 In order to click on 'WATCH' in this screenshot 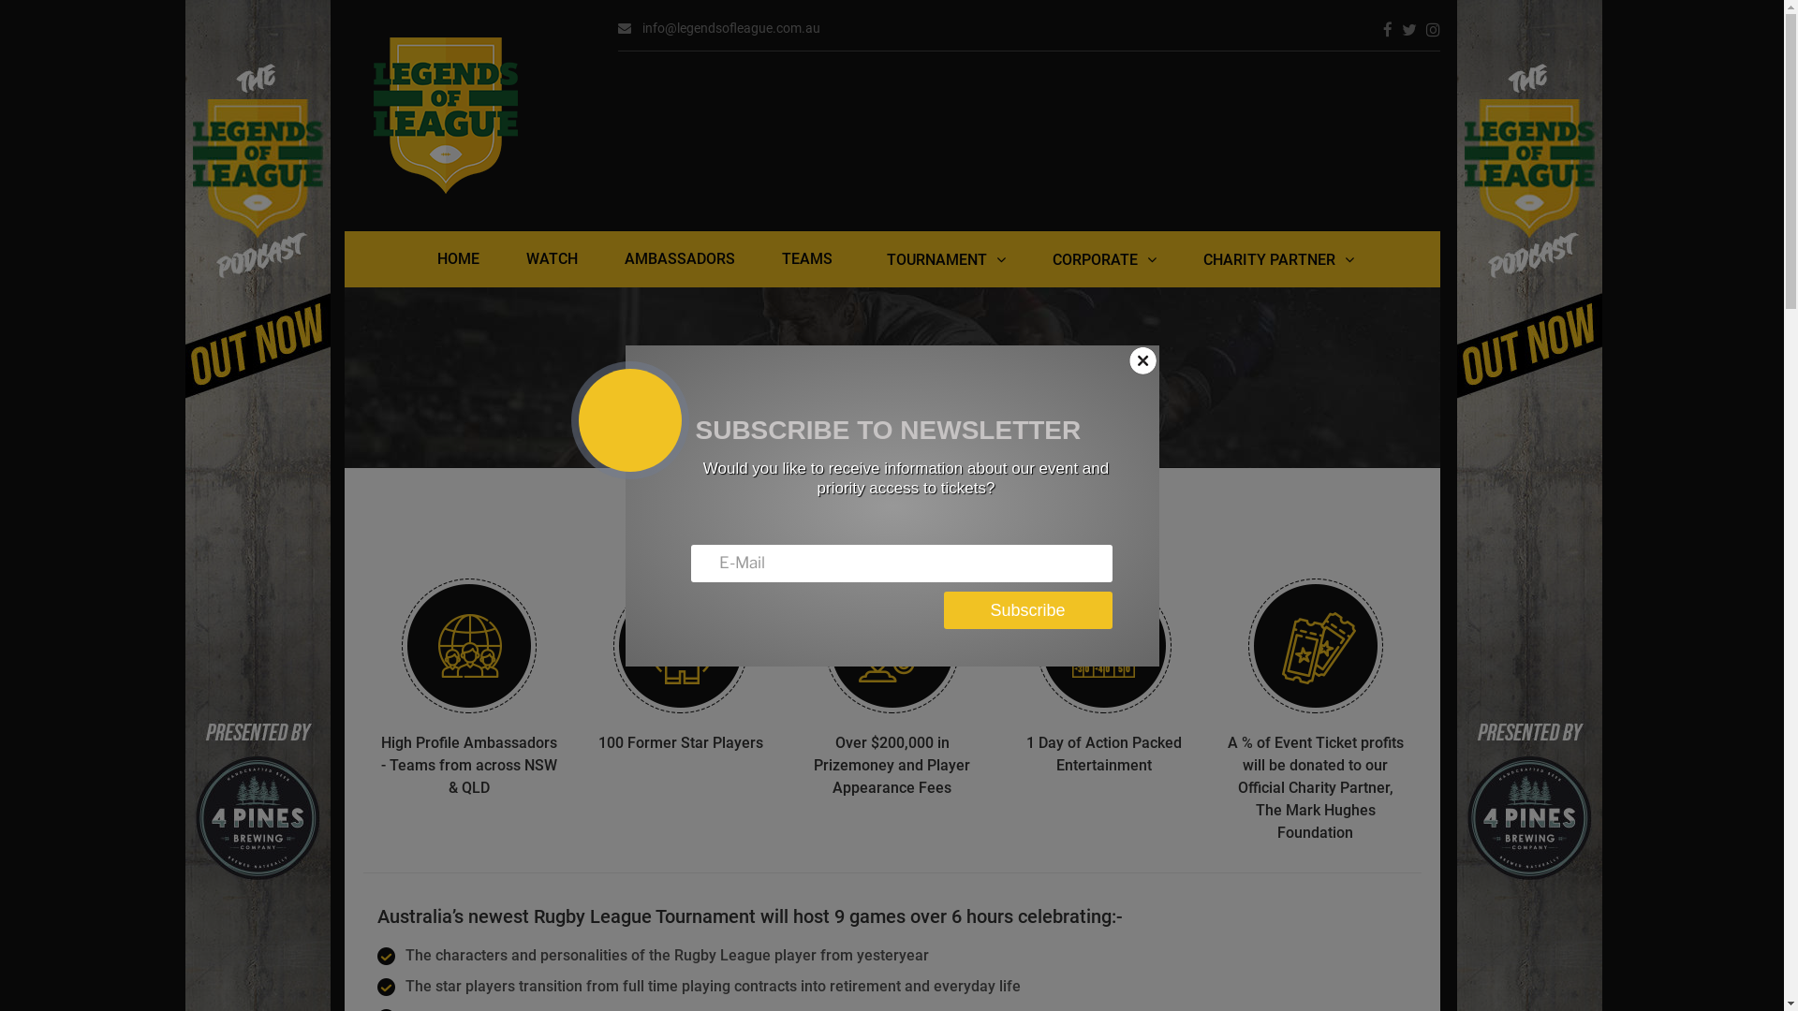, I will do `click(551, 259)`.